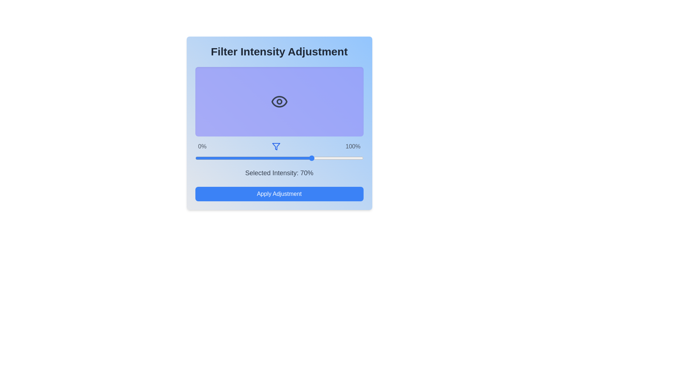 Image resolution: width=696 pixels, height=391 pixels. I want to click on 'Apply Adjustment' button, so click(279, 194).